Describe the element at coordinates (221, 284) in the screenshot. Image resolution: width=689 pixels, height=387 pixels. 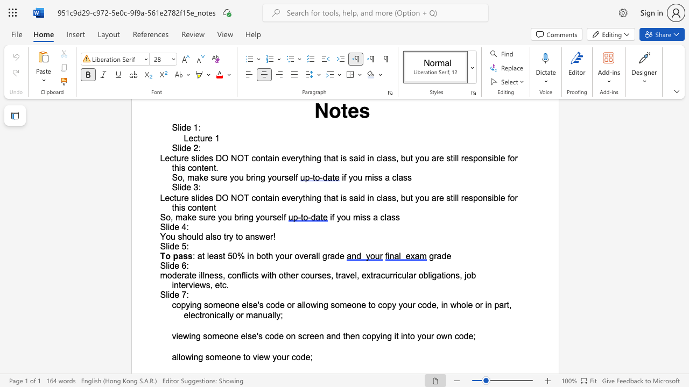
I see `the subset text "c." within the text "moderate illness, conflicts with other courses, travel, extracurricular obligations, job interviews, etc."` at that location.